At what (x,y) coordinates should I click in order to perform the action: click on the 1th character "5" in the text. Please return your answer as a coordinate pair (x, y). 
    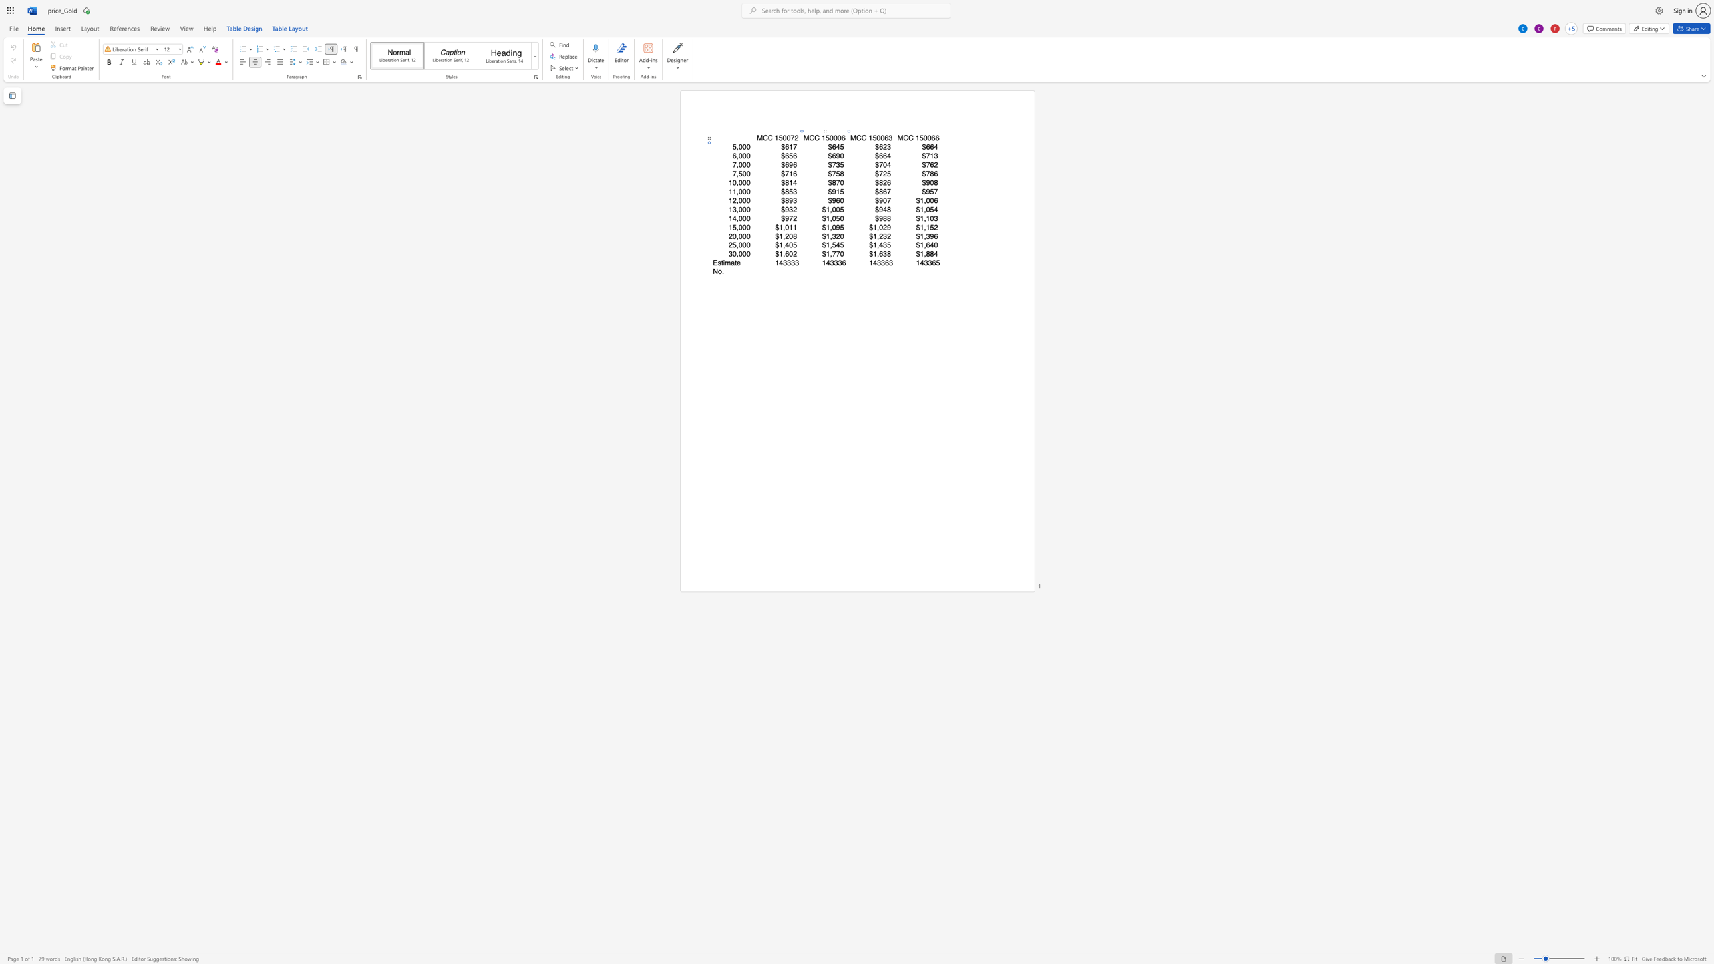
    Looking at the image, I should click on (921, 138).